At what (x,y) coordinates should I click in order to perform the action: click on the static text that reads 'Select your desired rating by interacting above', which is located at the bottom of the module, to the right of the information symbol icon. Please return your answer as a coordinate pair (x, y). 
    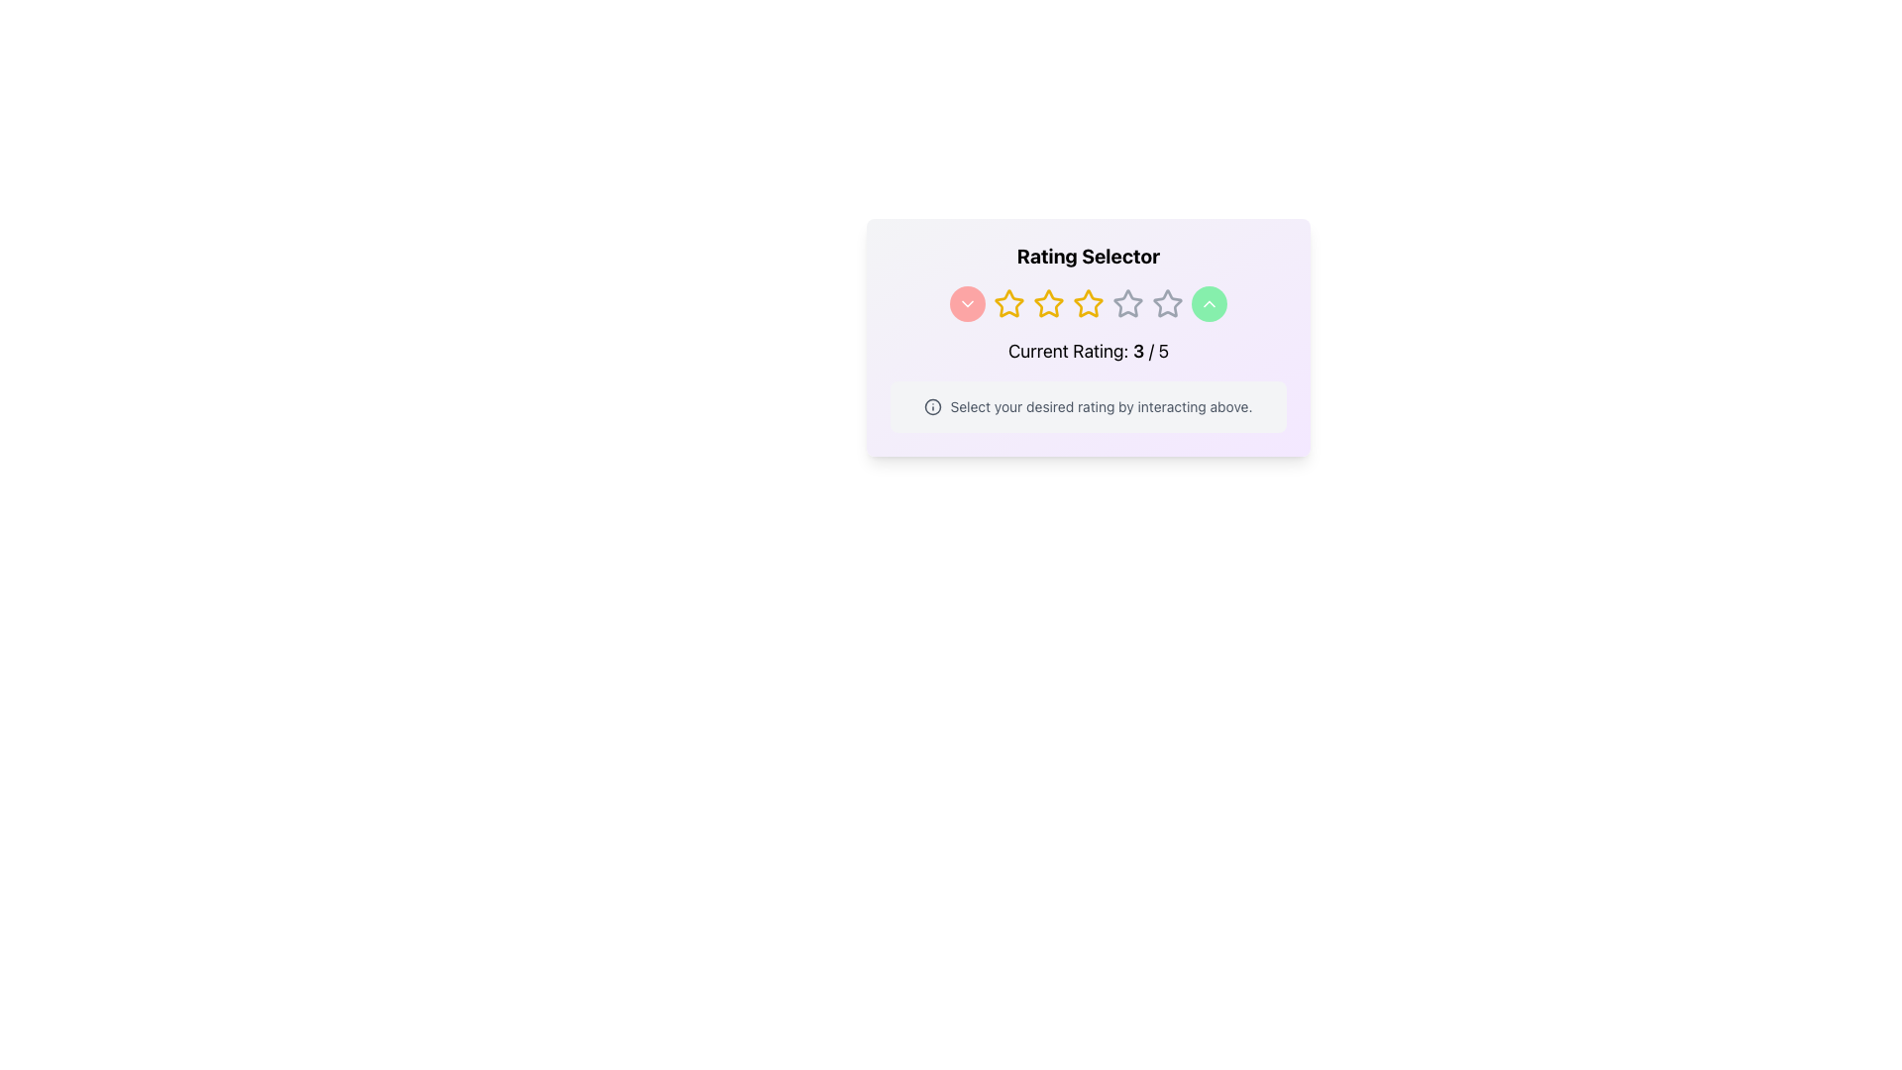
    Looking at the image, I should click on (1101, 406).